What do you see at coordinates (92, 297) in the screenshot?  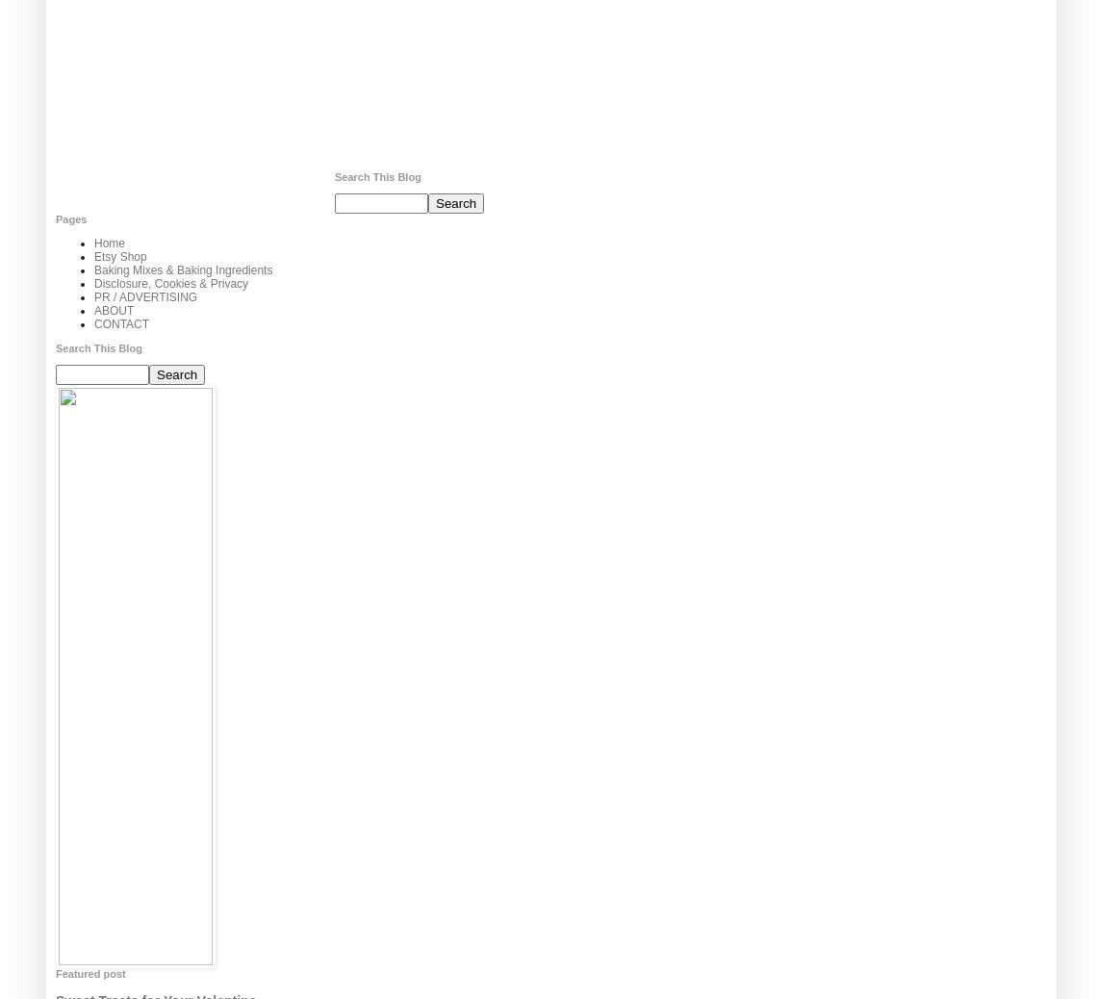 I see `'PR / ADVERTISING'` at bounding box center [92, 297].